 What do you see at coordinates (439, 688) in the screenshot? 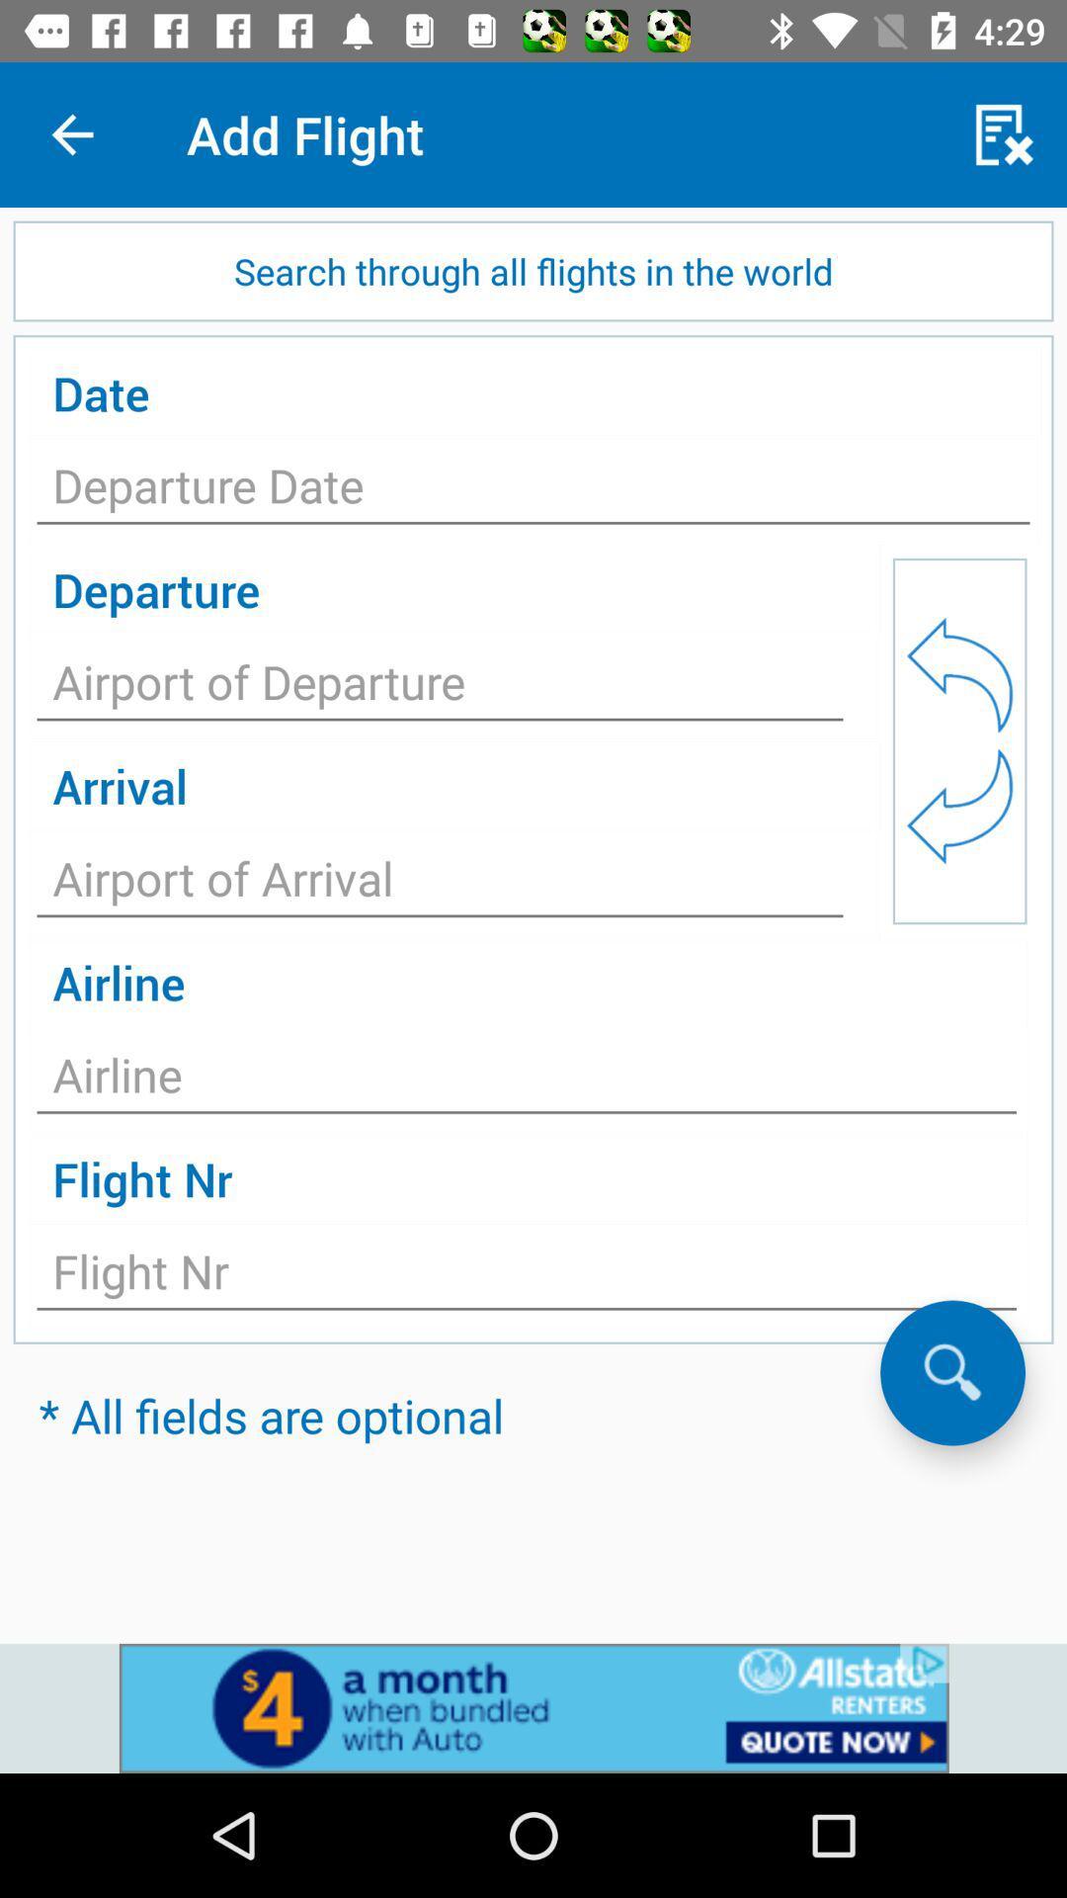
I see `text input field` at bounding box center [439, 688].